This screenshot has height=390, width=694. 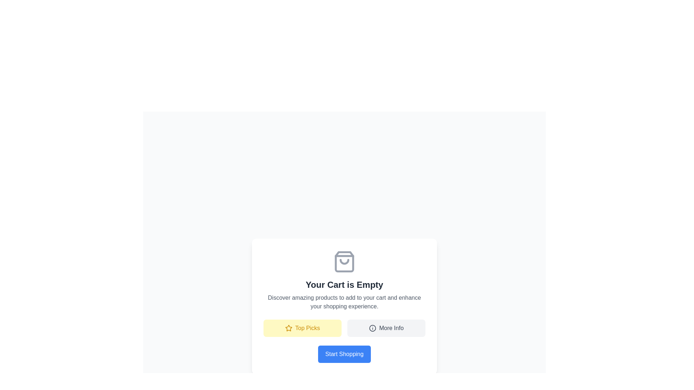 What do you see at coordinates (344, 354) in the screenshot?
I see `the 'Start Shopping' button, which is a rectangular button with rounded corners, a blue background that darkens on hover, and the text 'Start Shopping' in white bold font` at bounding box center [344, 354].